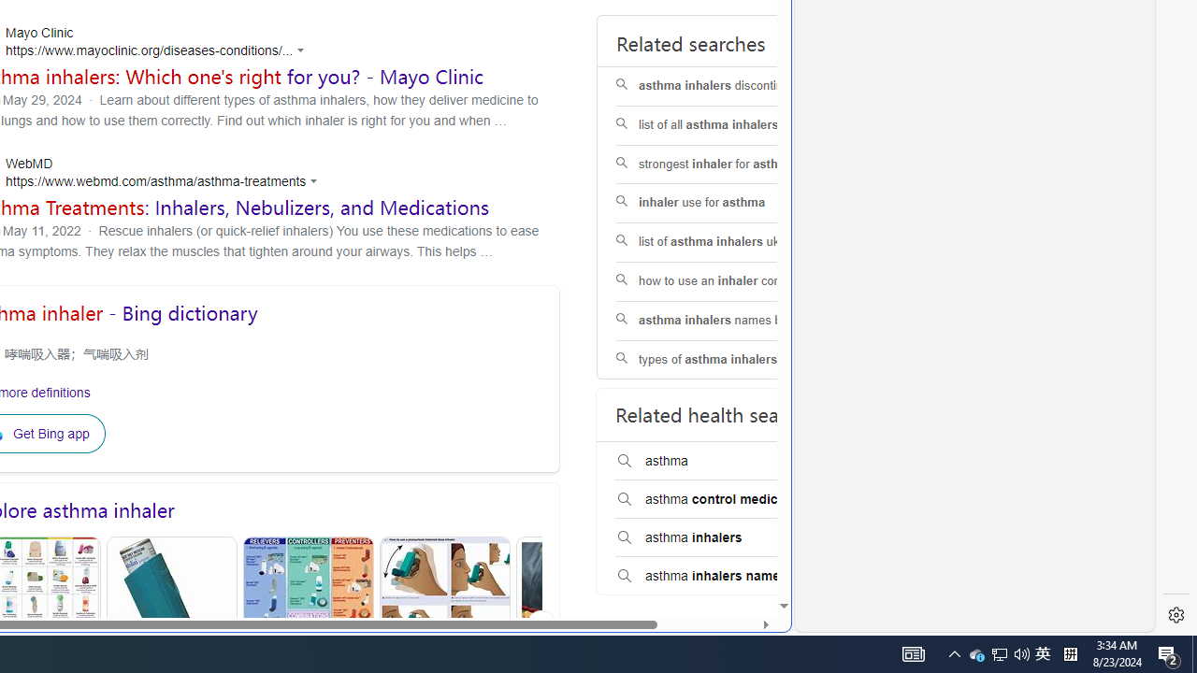 The image size is (1197, 673). I want to click on 'asthma control medicine', so click(733, 498).